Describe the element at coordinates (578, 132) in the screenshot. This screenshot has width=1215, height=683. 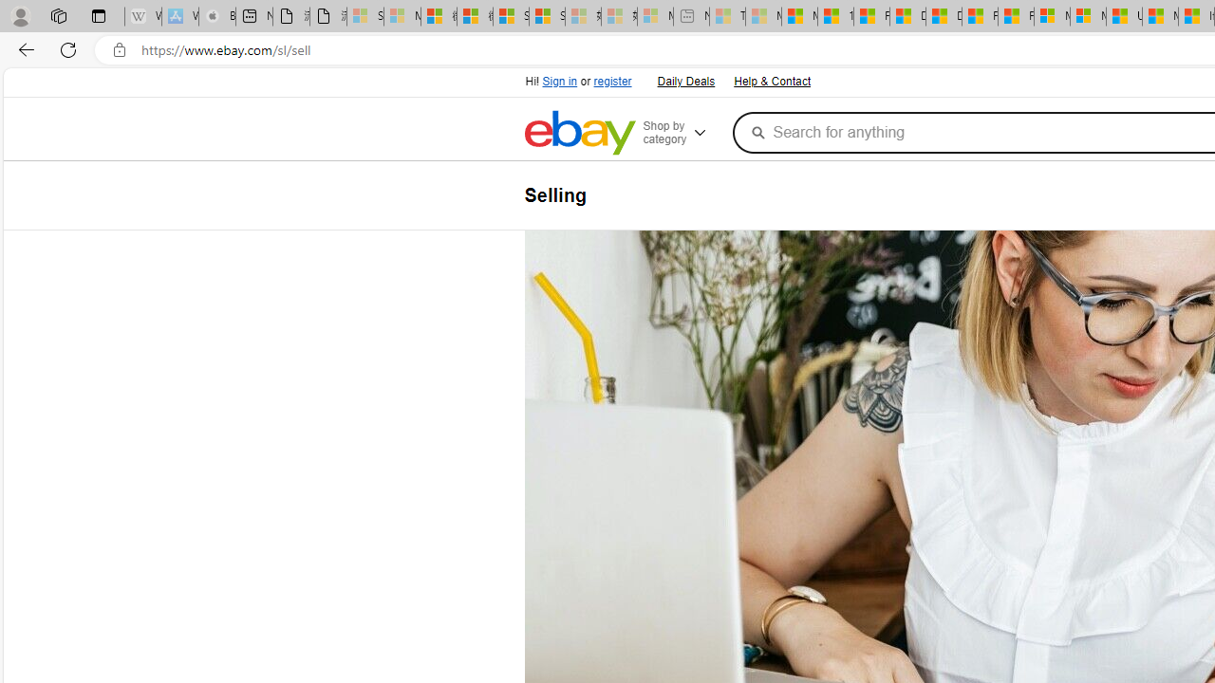
I see `'eBay Home'` at that location.